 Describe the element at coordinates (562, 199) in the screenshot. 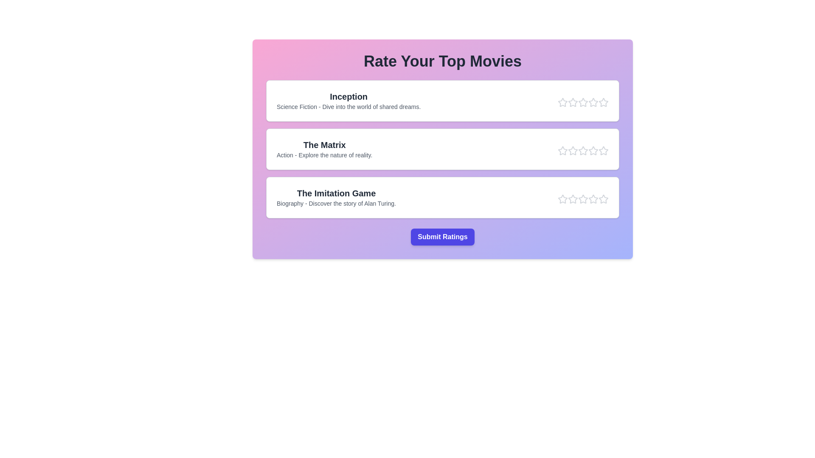

I see `the star corresponding to the rating 1 for the movie The Imitation Game` at that location.